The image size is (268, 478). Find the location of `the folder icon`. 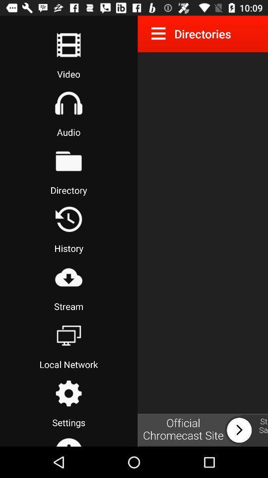

the folder icon is located at coordinates (68, 161).